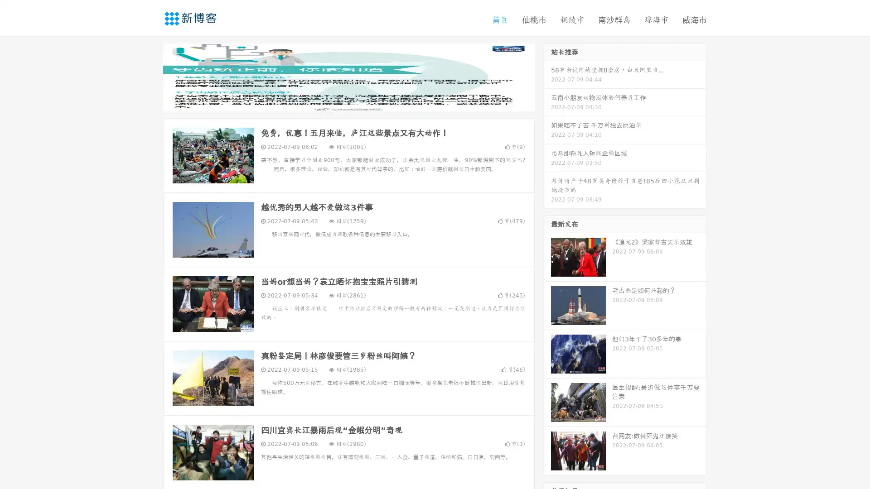 This screenshot has height=489, width=870. I want to click on Previous slide, so click(150, 76).